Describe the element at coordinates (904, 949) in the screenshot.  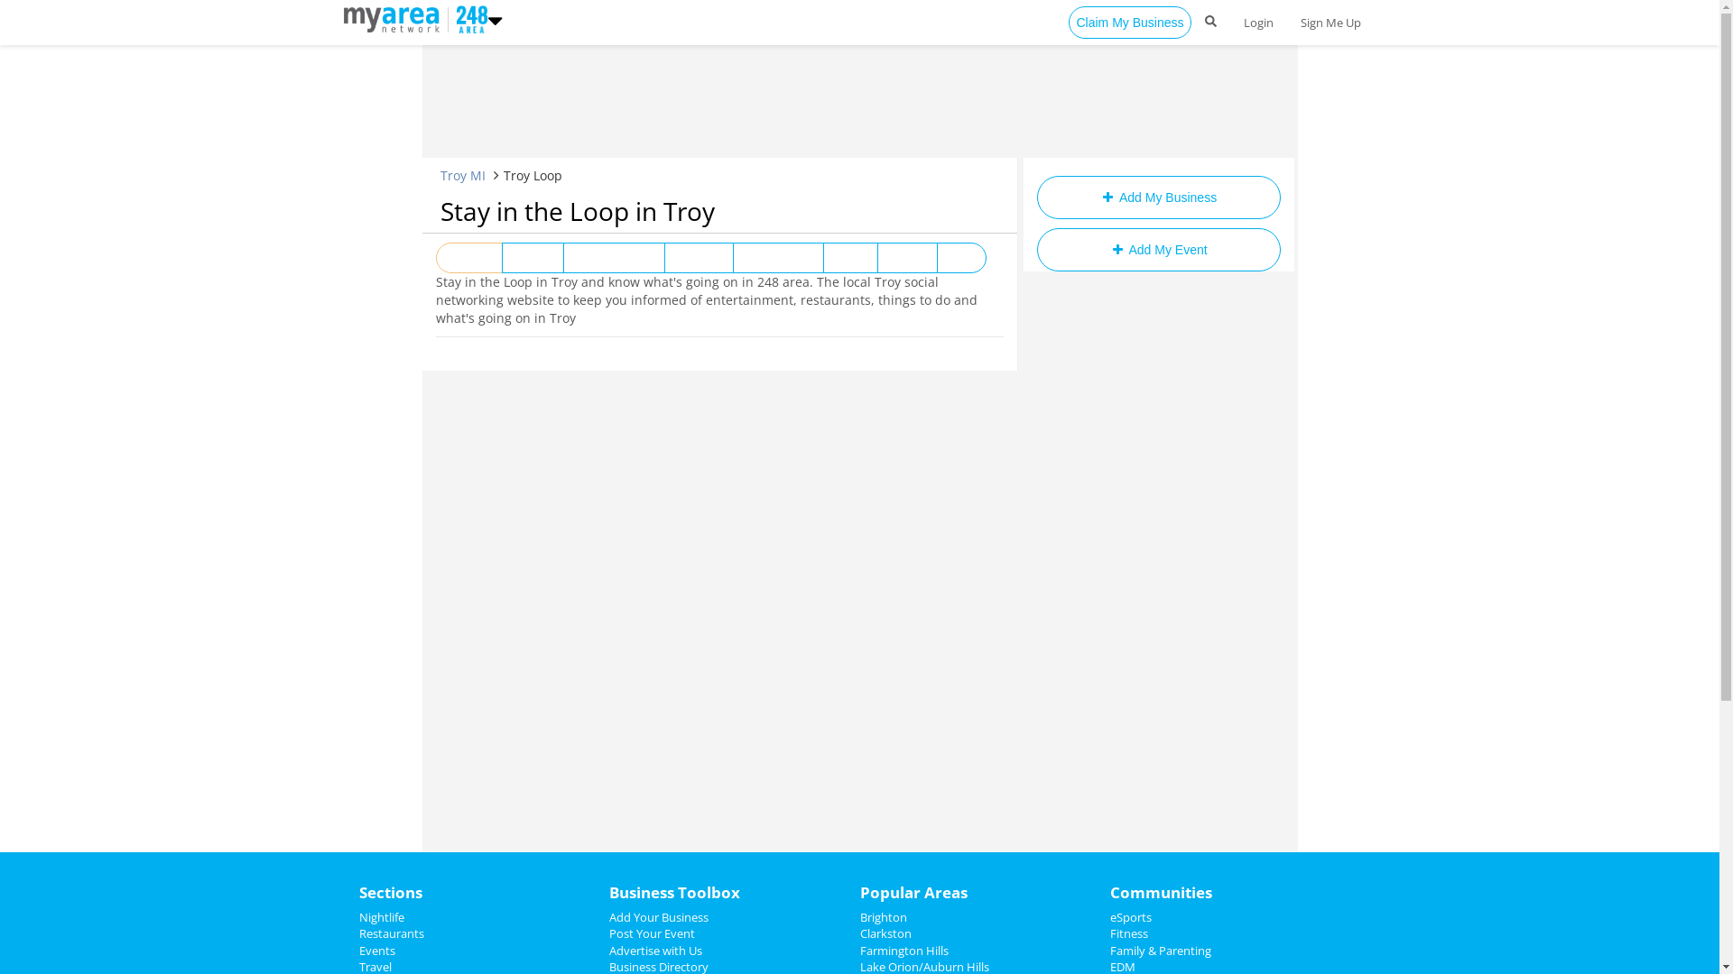
I see `'Farmington Hills'` at that location.